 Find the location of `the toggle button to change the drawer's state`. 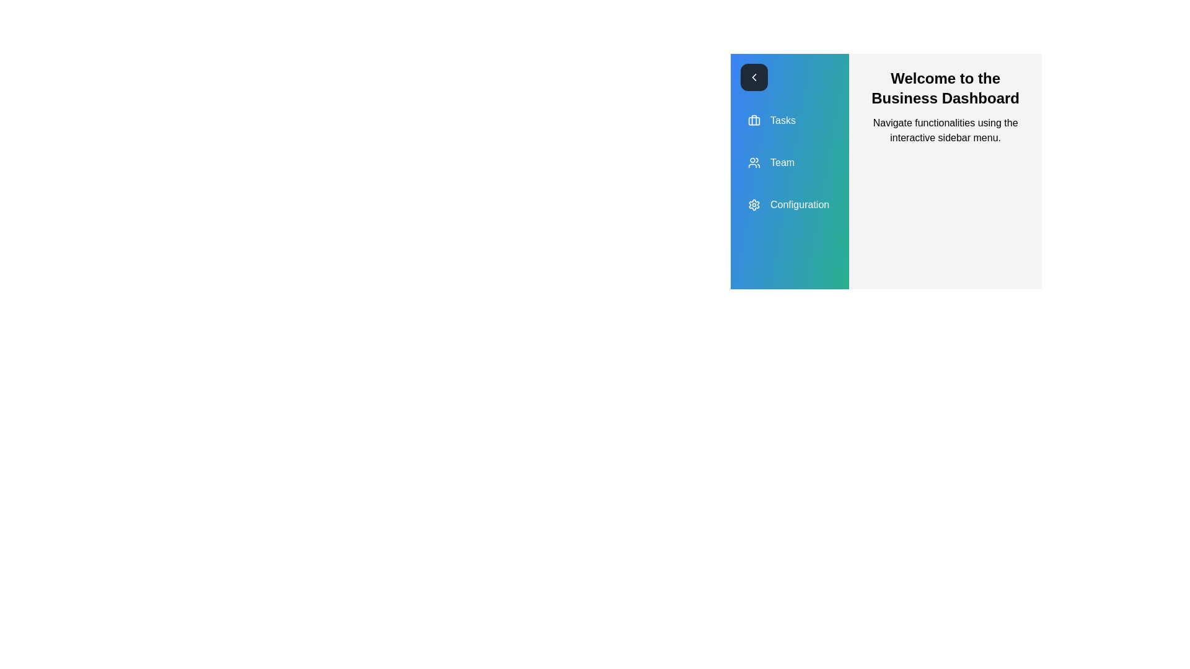

the toggle button to change the drawer's state is located at coordinates (754, 77).